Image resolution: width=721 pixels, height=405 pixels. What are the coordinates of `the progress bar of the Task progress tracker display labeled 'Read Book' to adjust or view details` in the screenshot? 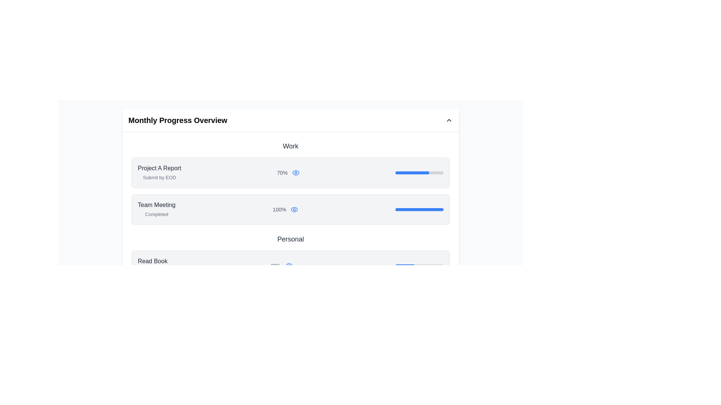 It's located at (290, 265).